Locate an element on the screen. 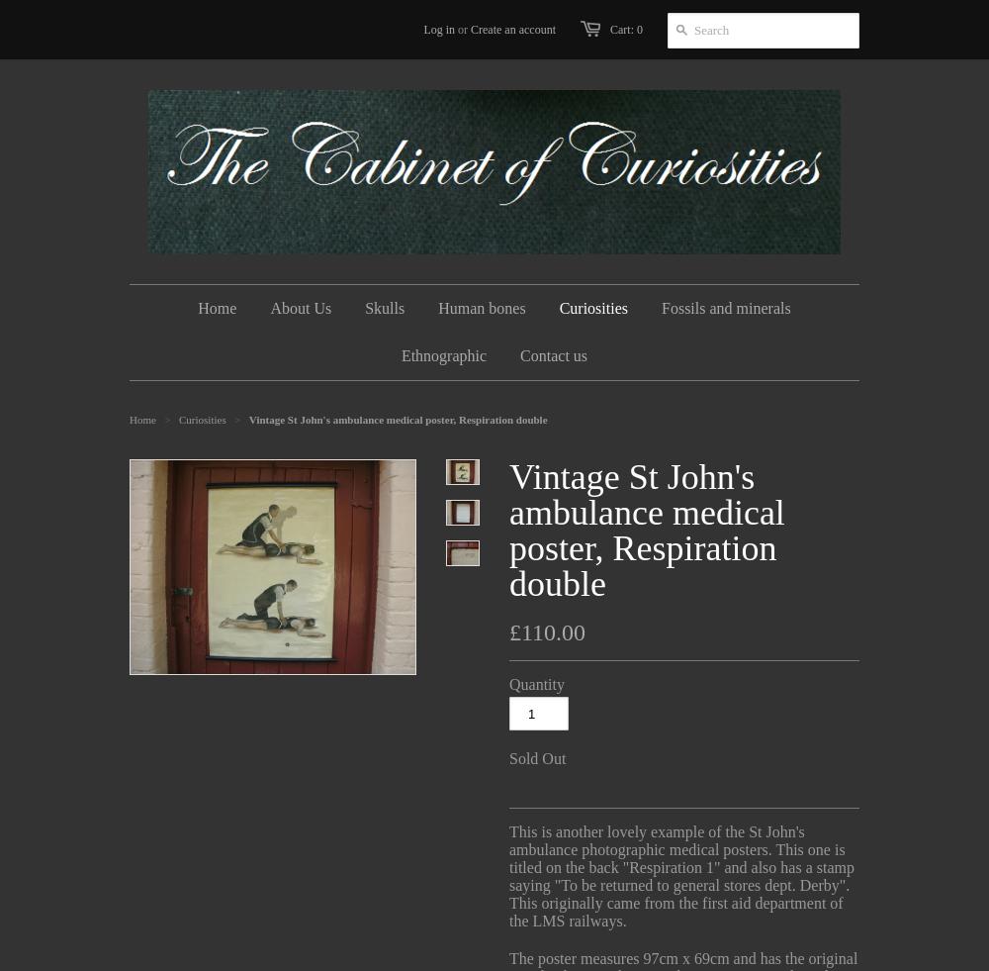 Image resolution: width=989 pixels, height=971 pixels. 'Sold Out' is located at coordinates (537, 758).